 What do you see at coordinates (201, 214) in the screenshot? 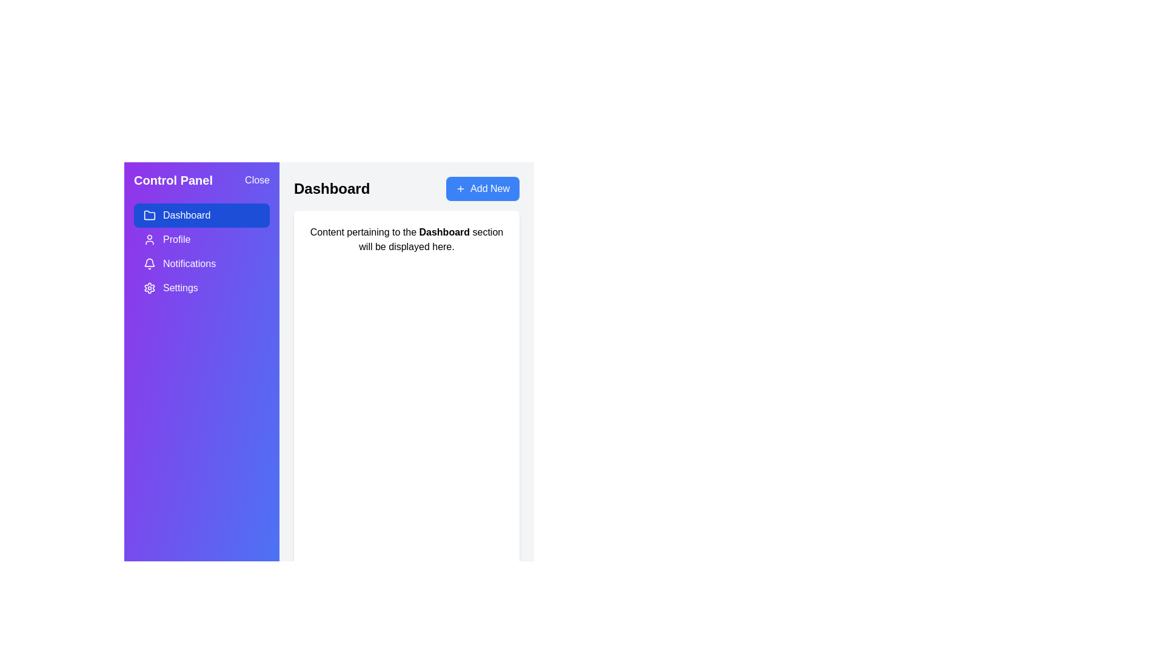
I see `the Dashboard section in the drawer menu` at bounding box center [201, 214].